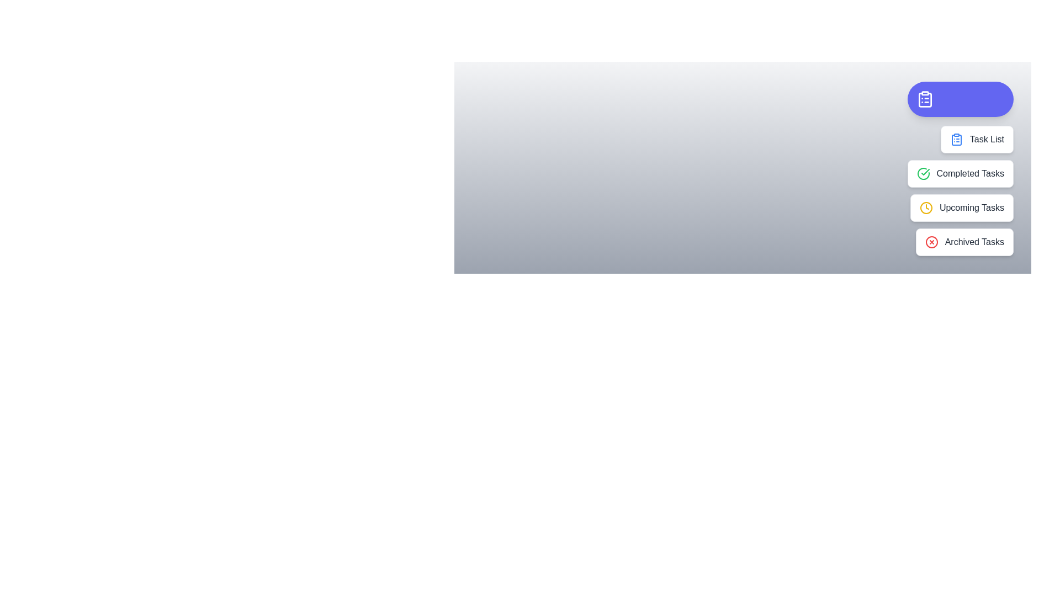 This screenshot has width=1060, height=596. What do you see at coordinates (977, 139) in the screenshot?
I see `the 'Task List' option to select it` at bounding box center [977, 139].